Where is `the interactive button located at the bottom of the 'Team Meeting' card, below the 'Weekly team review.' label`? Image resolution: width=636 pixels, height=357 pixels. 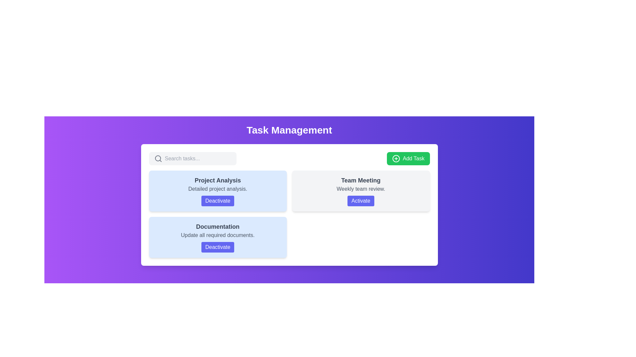
the interactive button located at the bottom of the 'Team Meeting' card, below the 'Weekly team review.' label is located at coordinates (360, 201).